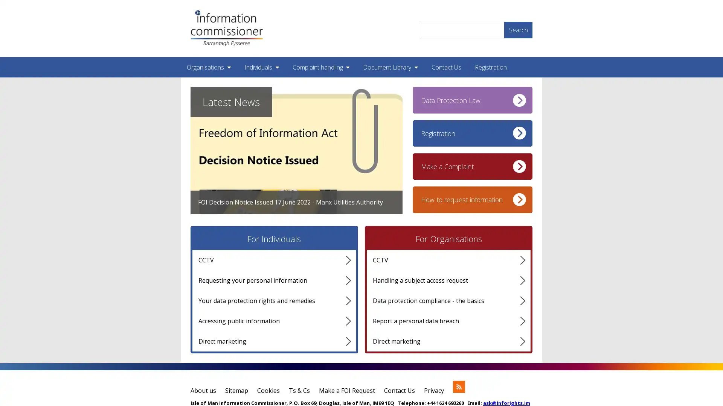 Image resolution: width=723 pixels, height=406 pixels. Describe the element at coordinates (518, 29) in the screenshot. I see `Search` at that location.